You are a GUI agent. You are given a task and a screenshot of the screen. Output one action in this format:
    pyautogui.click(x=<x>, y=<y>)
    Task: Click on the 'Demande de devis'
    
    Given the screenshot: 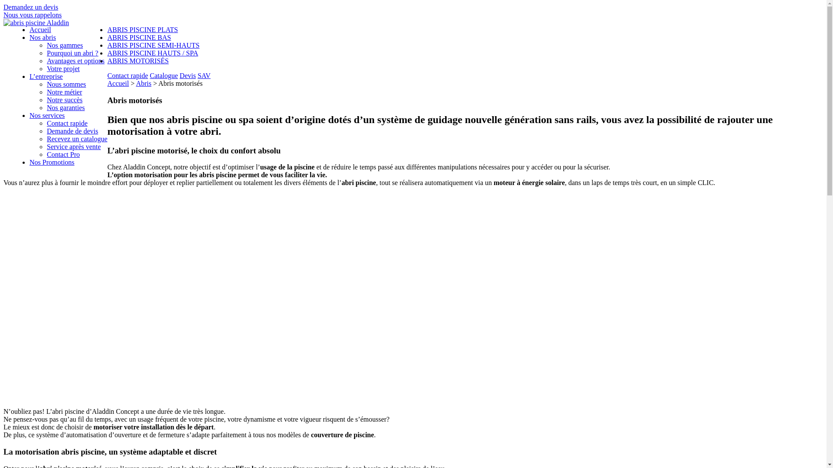 What is the action you would take?
    pyautogui.click(x=72, y=131)
    